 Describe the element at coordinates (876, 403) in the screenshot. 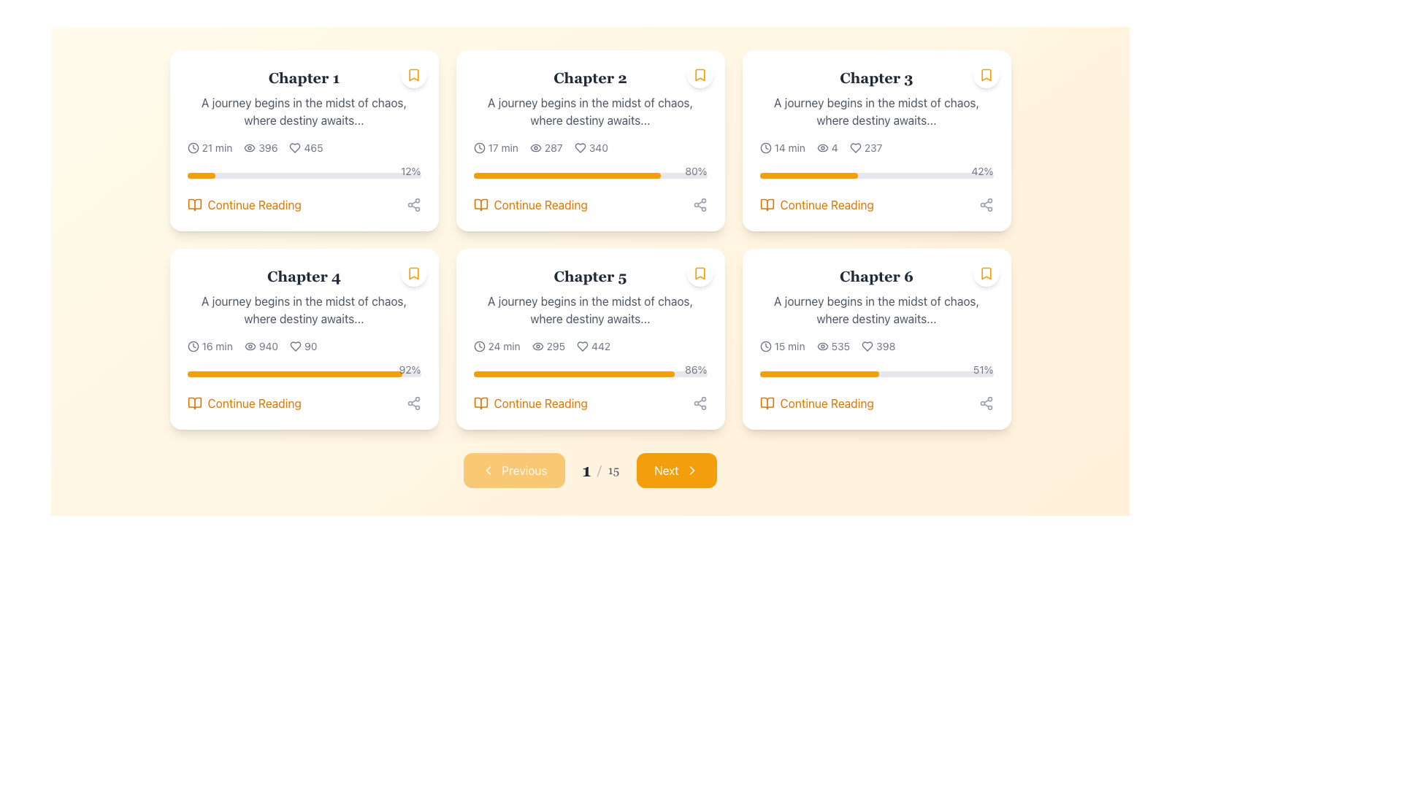

I see `the navigational button at the bottom of the Chapter 6 panel to proceed with reading the chapter` at that location.